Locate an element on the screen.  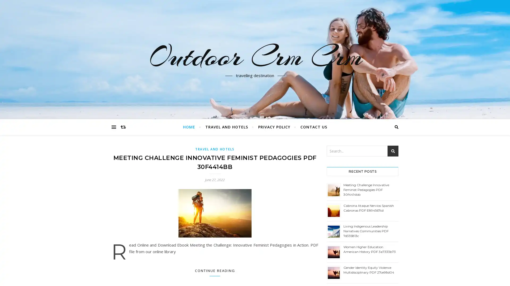
st is located at coordinates (393, 151).